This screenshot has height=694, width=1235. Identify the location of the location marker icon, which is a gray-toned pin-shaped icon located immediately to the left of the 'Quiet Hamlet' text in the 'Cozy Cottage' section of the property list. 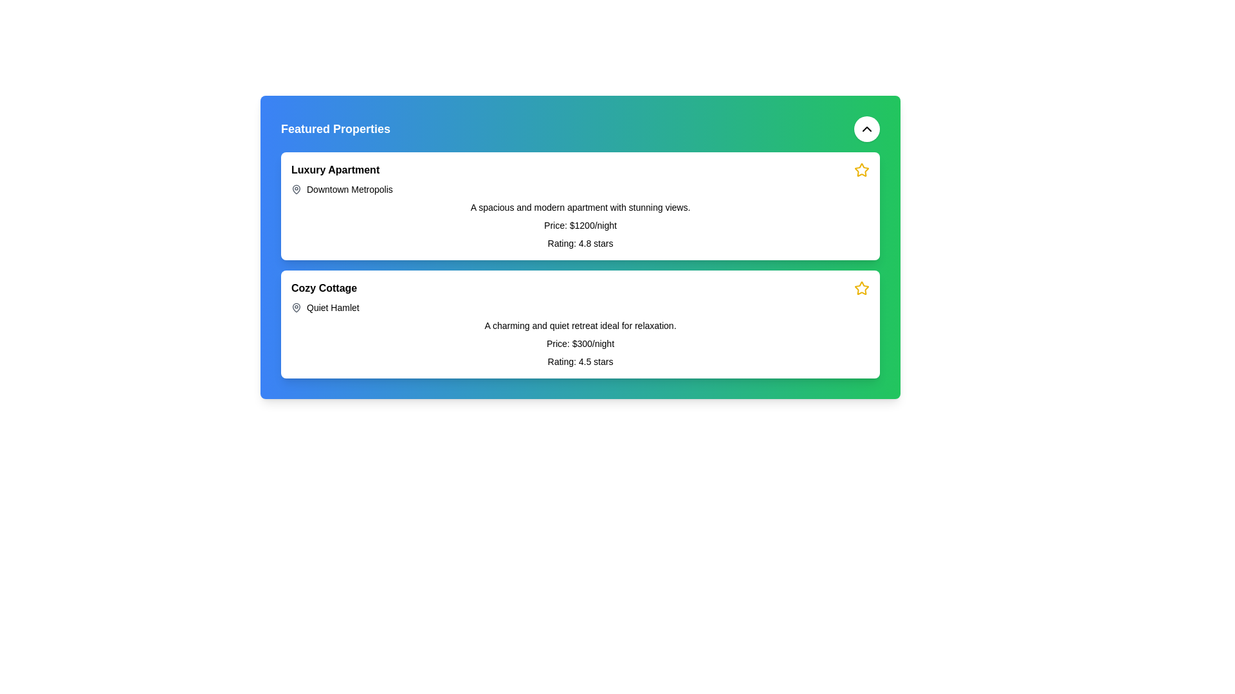
(295, 307).